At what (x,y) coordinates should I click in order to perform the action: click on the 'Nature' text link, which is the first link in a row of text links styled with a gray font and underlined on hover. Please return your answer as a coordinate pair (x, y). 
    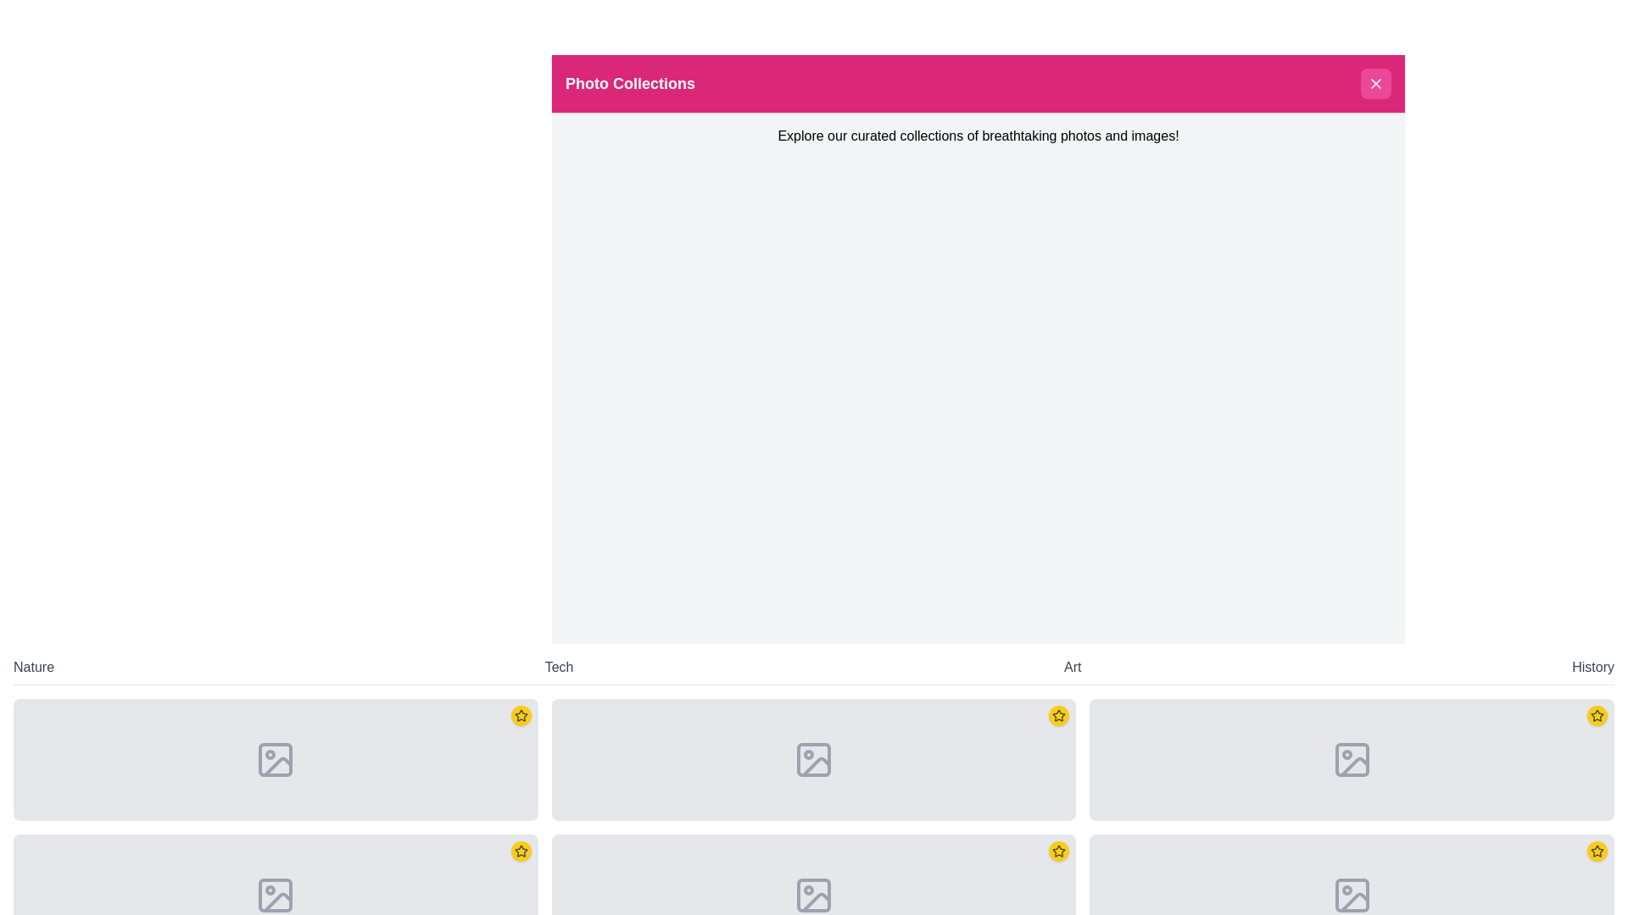
    Looking at the image, I should click on (33, 666).